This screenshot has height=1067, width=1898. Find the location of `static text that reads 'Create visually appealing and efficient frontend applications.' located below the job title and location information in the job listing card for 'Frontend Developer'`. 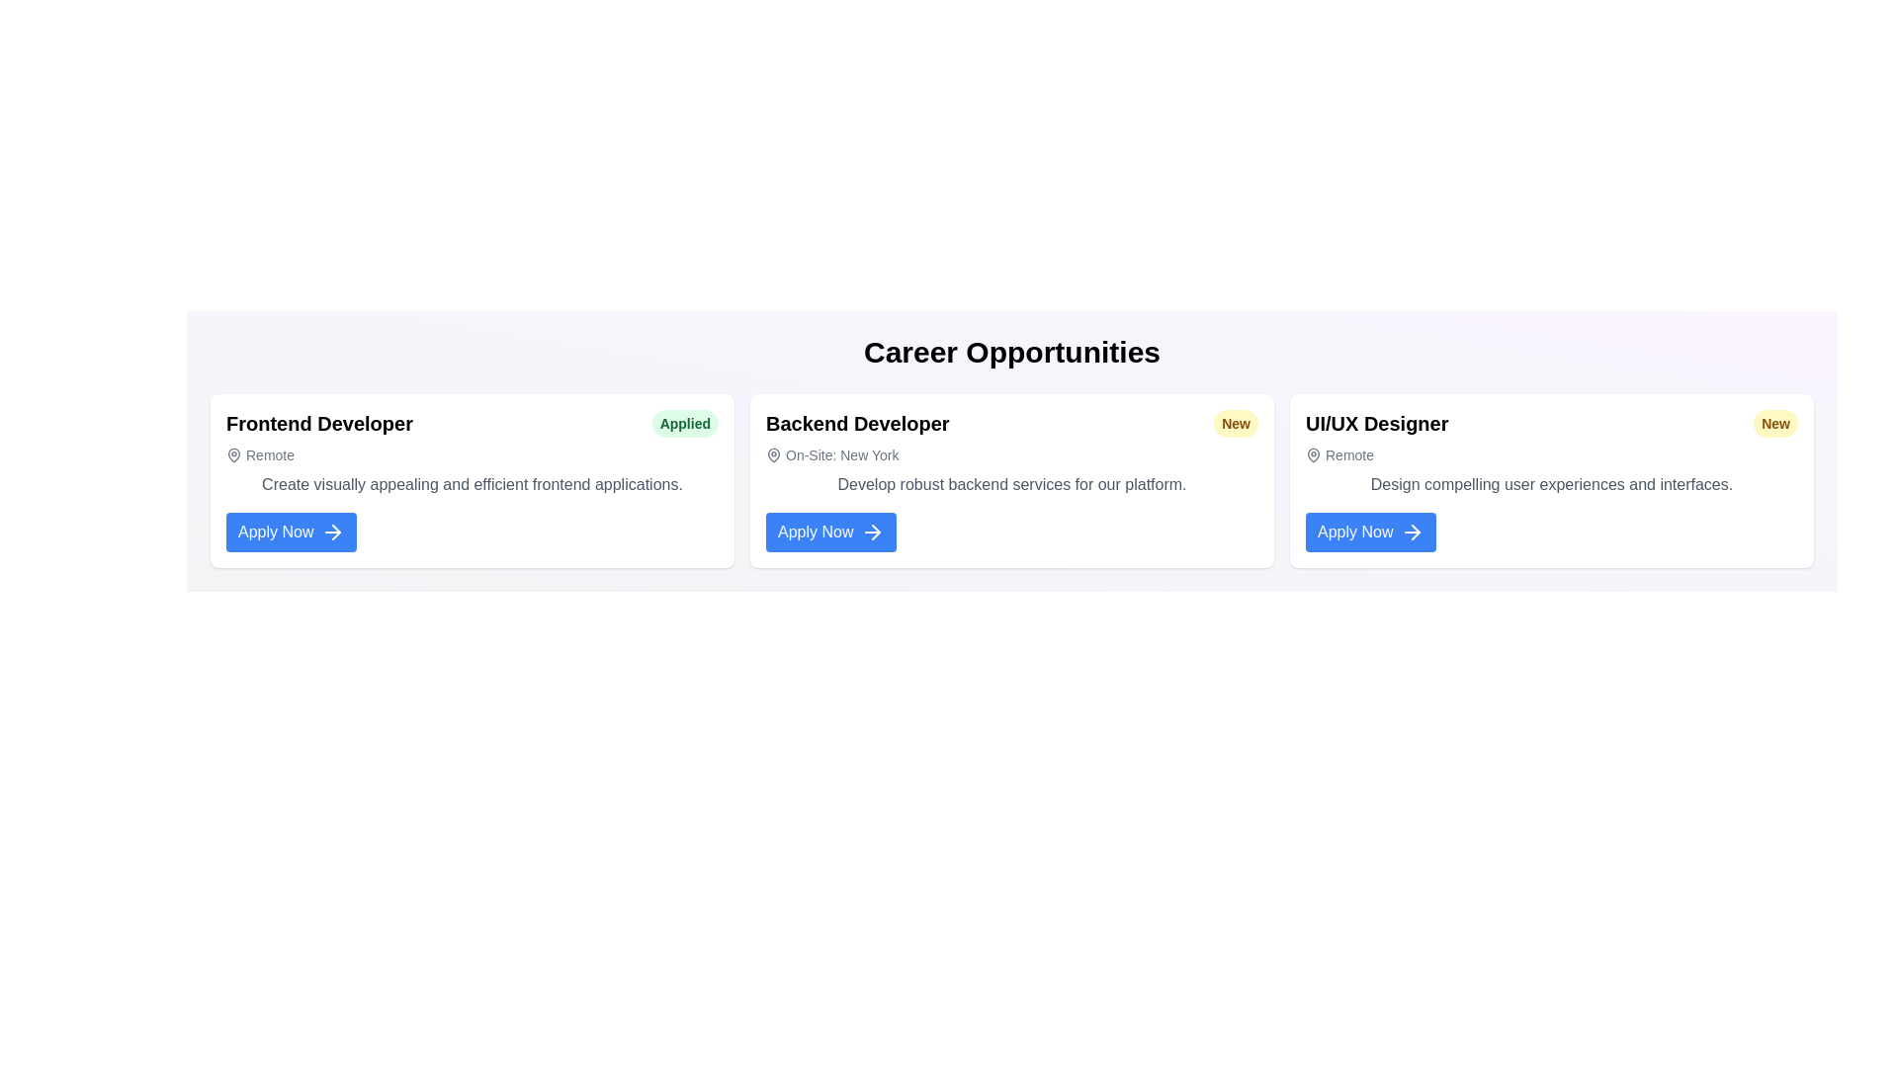

static text that reads 'Create visually appealing and efficient frontend applications.' located below the job title and location information in the job listing card for 'Frontend Developer' is located at coordinates (472, 484).